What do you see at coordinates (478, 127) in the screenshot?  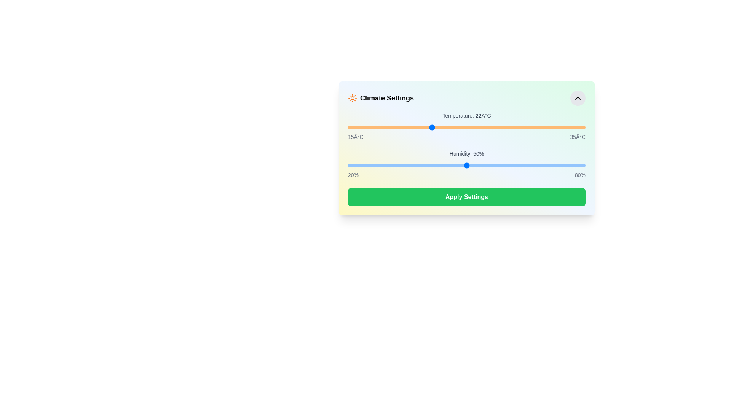 I see `the temperature` at bounding box center [478, 127].